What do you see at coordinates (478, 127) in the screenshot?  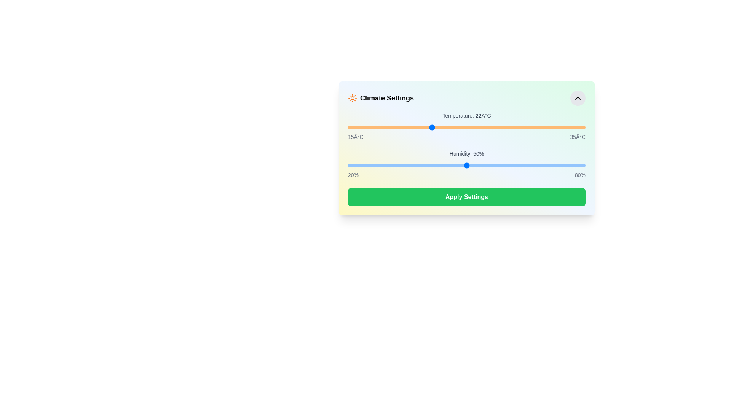 I see `the temperature` at bounding box center [478, 127].